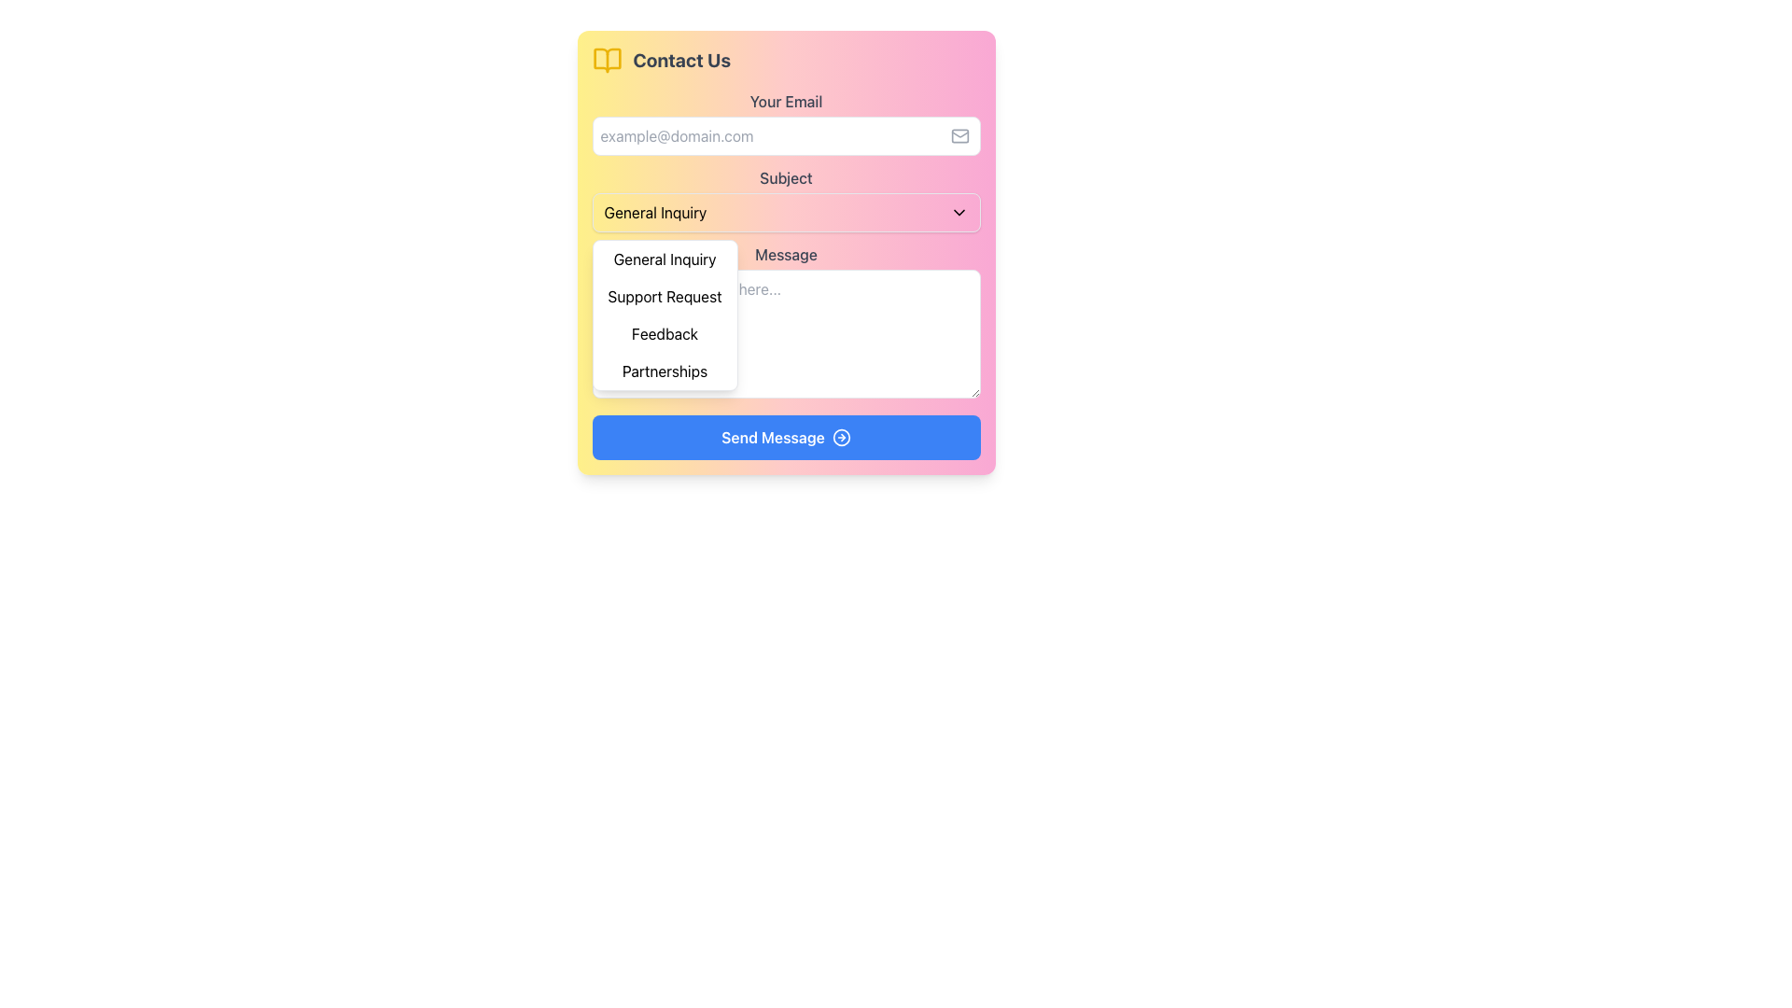  I want to click on the central circular part of the blue-filled icon next to the 'Send Message' button to interact with it, so click(840, 438).